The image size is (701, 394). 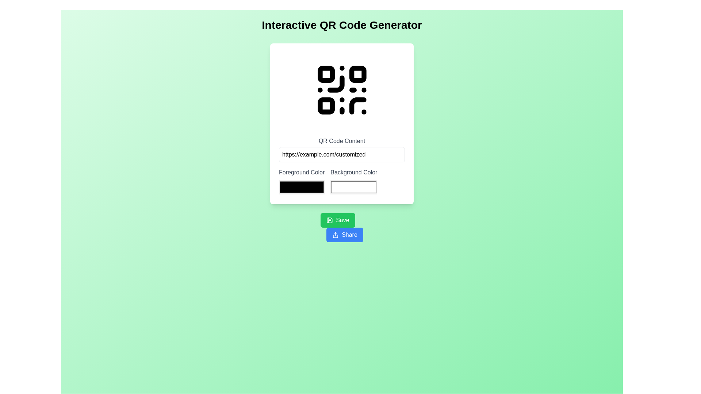 I want to click on the color picker input field that displays the current color value of white (#ffffff), so click(x=354, y=187).